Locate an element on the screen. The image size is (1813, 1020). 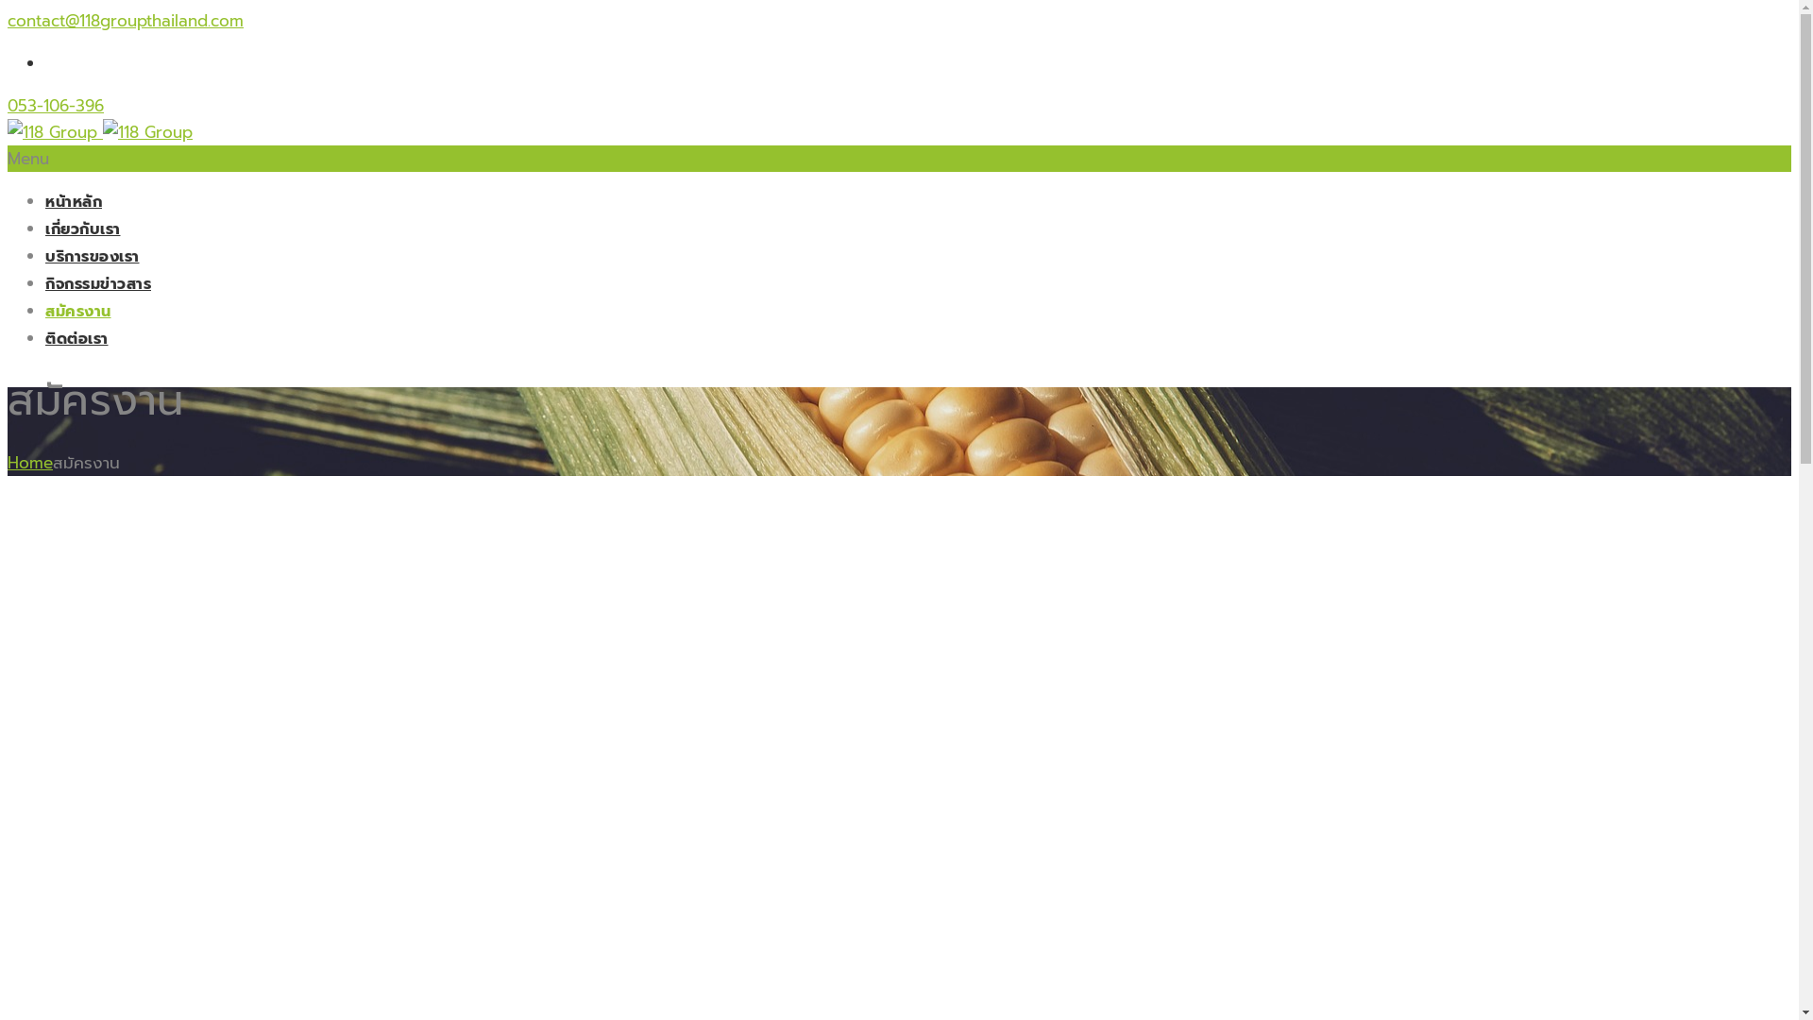
'118 Group' is located at coordinates (52, 130).